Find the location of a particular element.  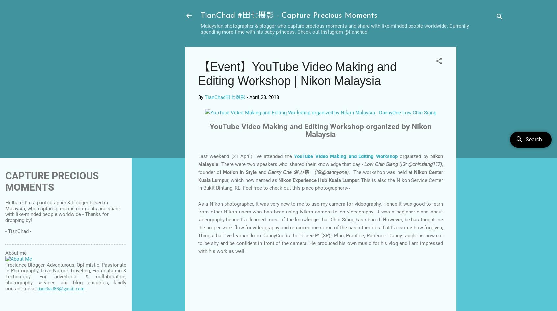

'Low Chin Siang (IG: @chinsiang117)' is located at coordinates (403, 164).